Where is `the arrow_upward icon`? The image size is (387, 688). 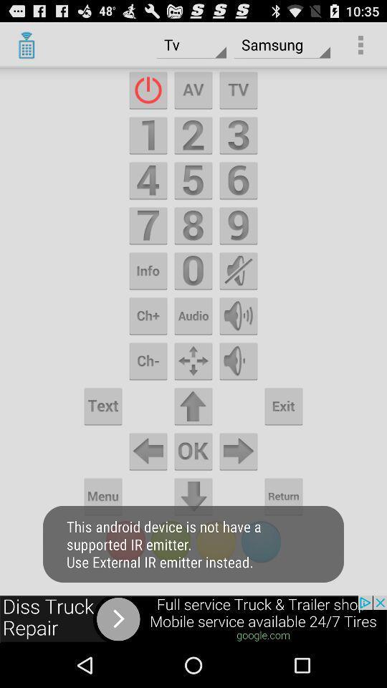 the arrow_upward icon is located at coordinates (193, 434).